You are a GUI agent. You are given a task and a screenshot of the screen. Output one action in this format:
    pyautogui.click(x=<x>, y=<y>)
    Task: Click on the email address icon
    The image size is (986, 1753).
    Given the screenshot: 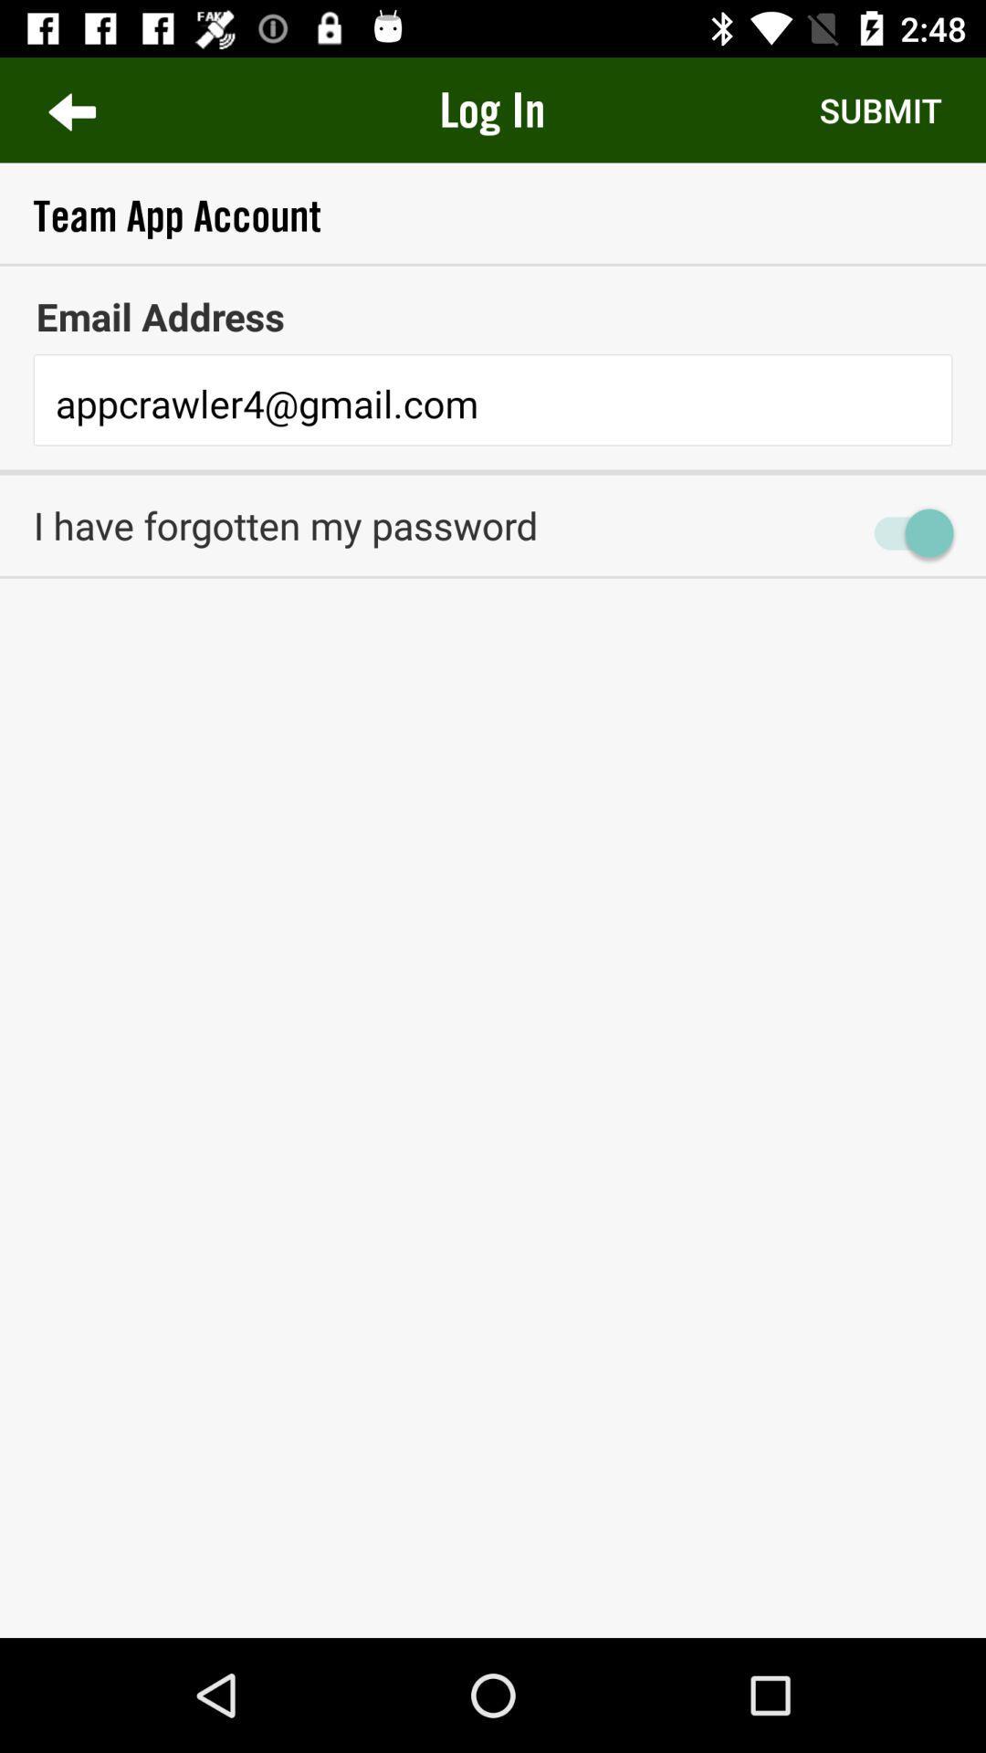 What is the action you would take?
    pyautogui.click(x=493, y=316)
    